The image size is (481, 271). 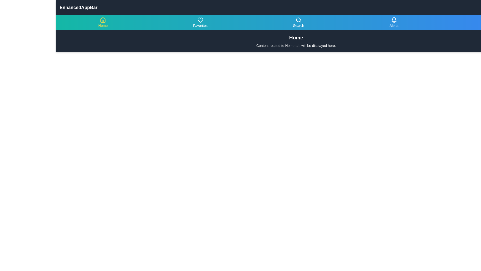 I want to click on the Search tab, so click(x=298, y=22).